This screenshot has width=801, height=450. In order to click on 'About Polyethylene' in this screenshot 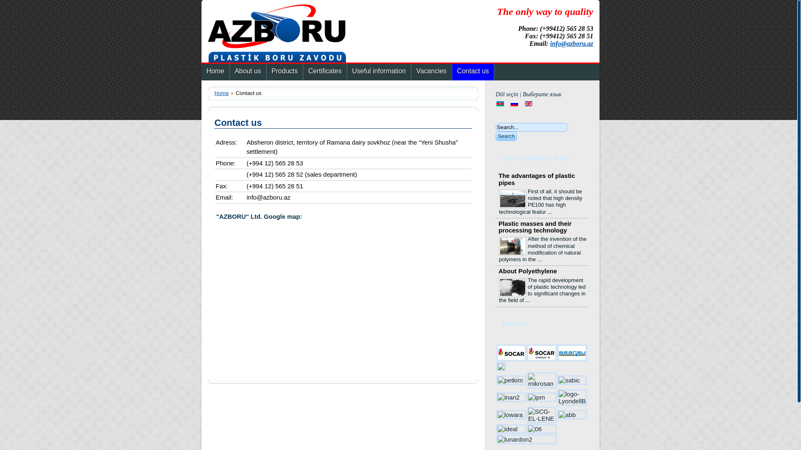, I will do `click(527, 271)`.